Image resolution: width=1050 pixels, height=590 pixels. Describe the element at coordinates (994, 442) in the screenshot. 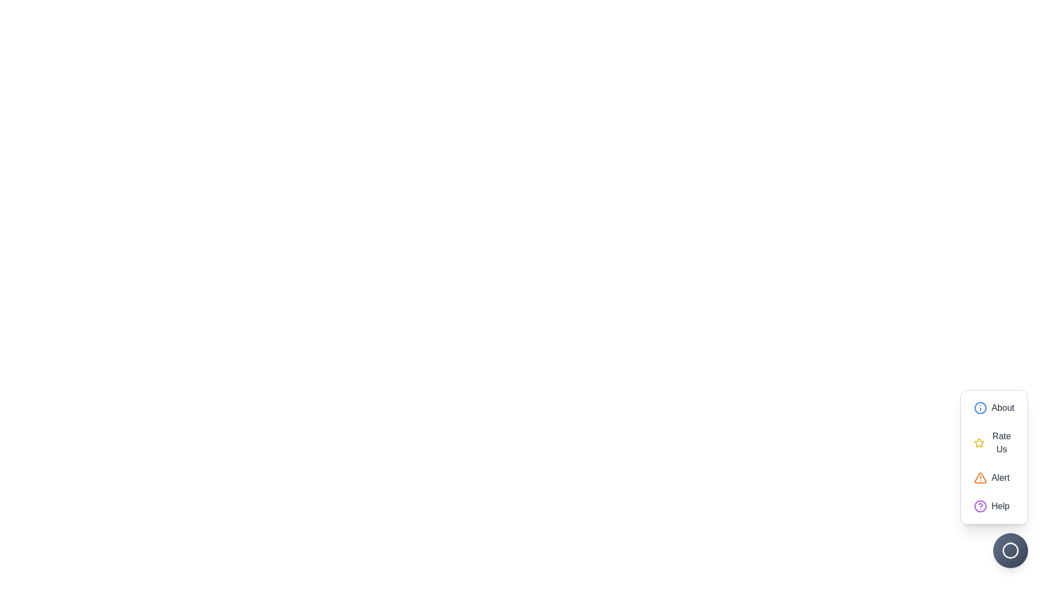

I see `the 'Rate Us' button to interact with it` at that location.